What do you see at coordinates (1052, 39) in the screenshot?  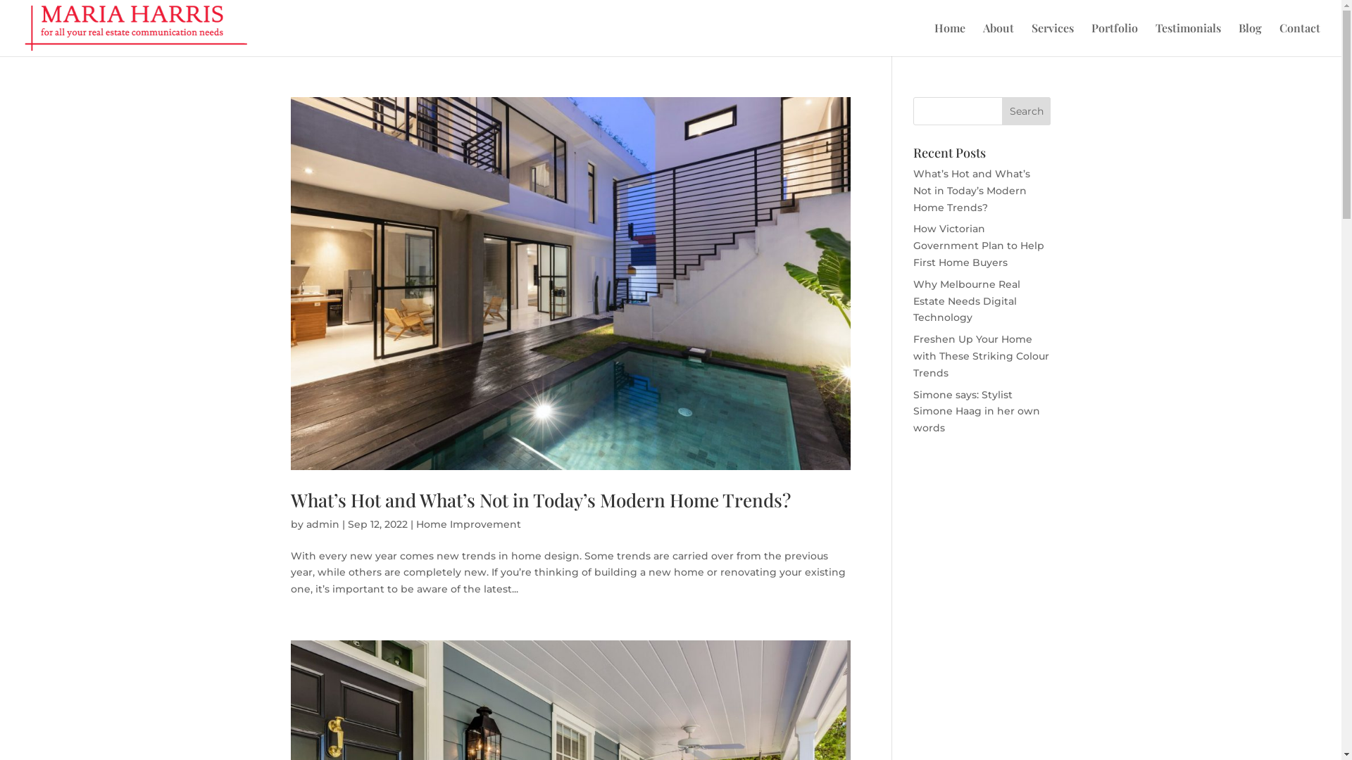 I see `'Services'` at bounding box center [1052, 39].